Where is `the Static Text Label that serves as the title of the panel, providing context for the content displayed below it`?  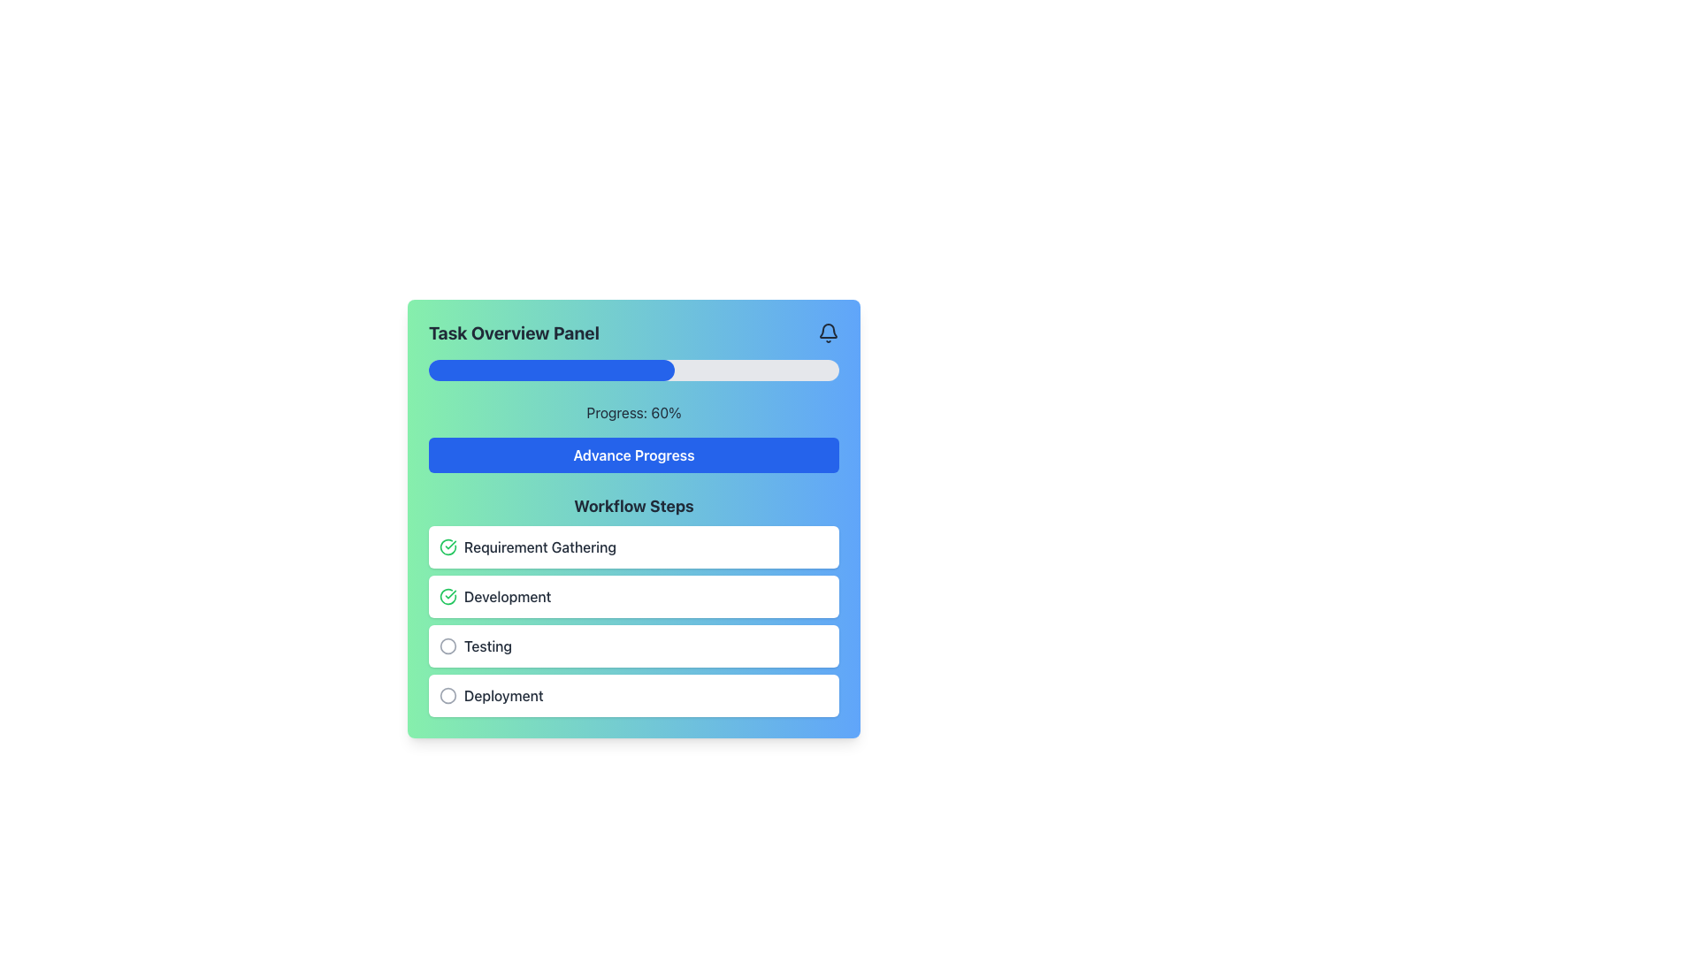
the Static Text Label that serves as the title of the panel, providing context for the content displayed below it is located at coordinates (513, 333).